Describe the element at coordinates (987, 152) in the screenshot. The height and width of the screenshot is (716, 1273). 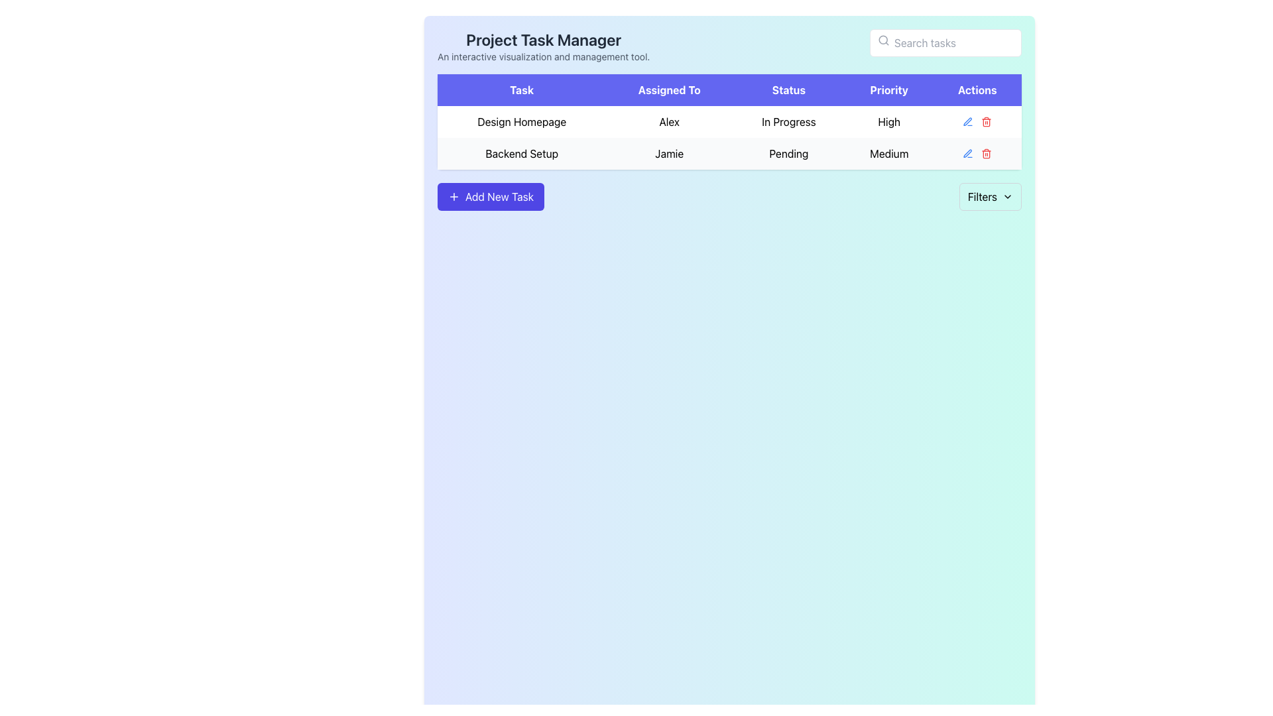
I see `the red trash can icon button in the Actions column of the second row of the task management table` at that location.